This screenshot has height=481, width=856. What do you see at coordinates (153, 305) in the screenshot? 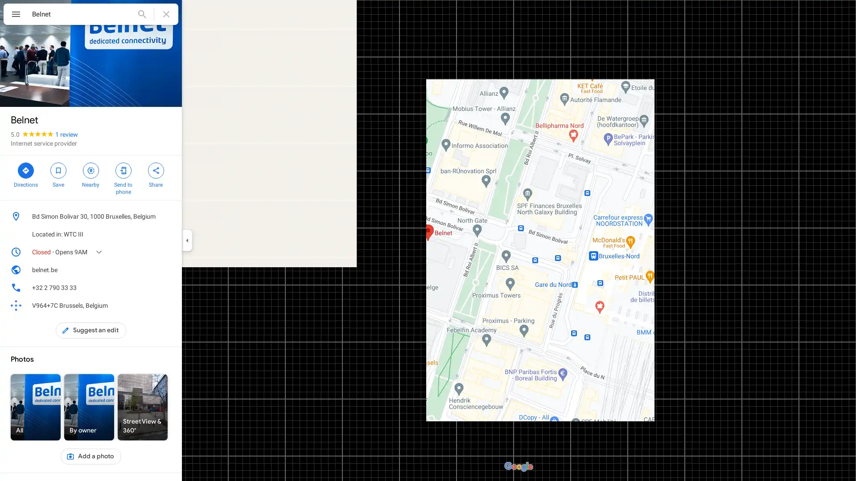
I see `Copy plus code` at bounding box center [153, 305].